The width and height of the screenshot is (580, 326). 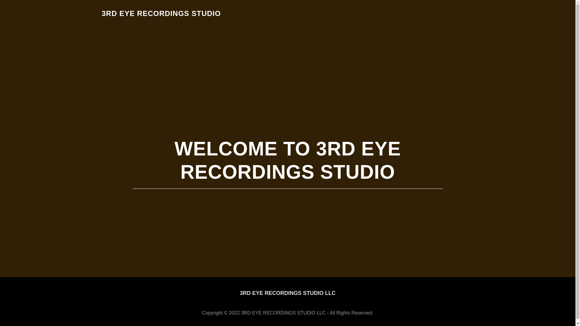 What do you see at coordinates (161, 14) in the screenshot?
I see `'3RD EYE RECORDINGS STUDIO'` at bounding box center [161, 14].